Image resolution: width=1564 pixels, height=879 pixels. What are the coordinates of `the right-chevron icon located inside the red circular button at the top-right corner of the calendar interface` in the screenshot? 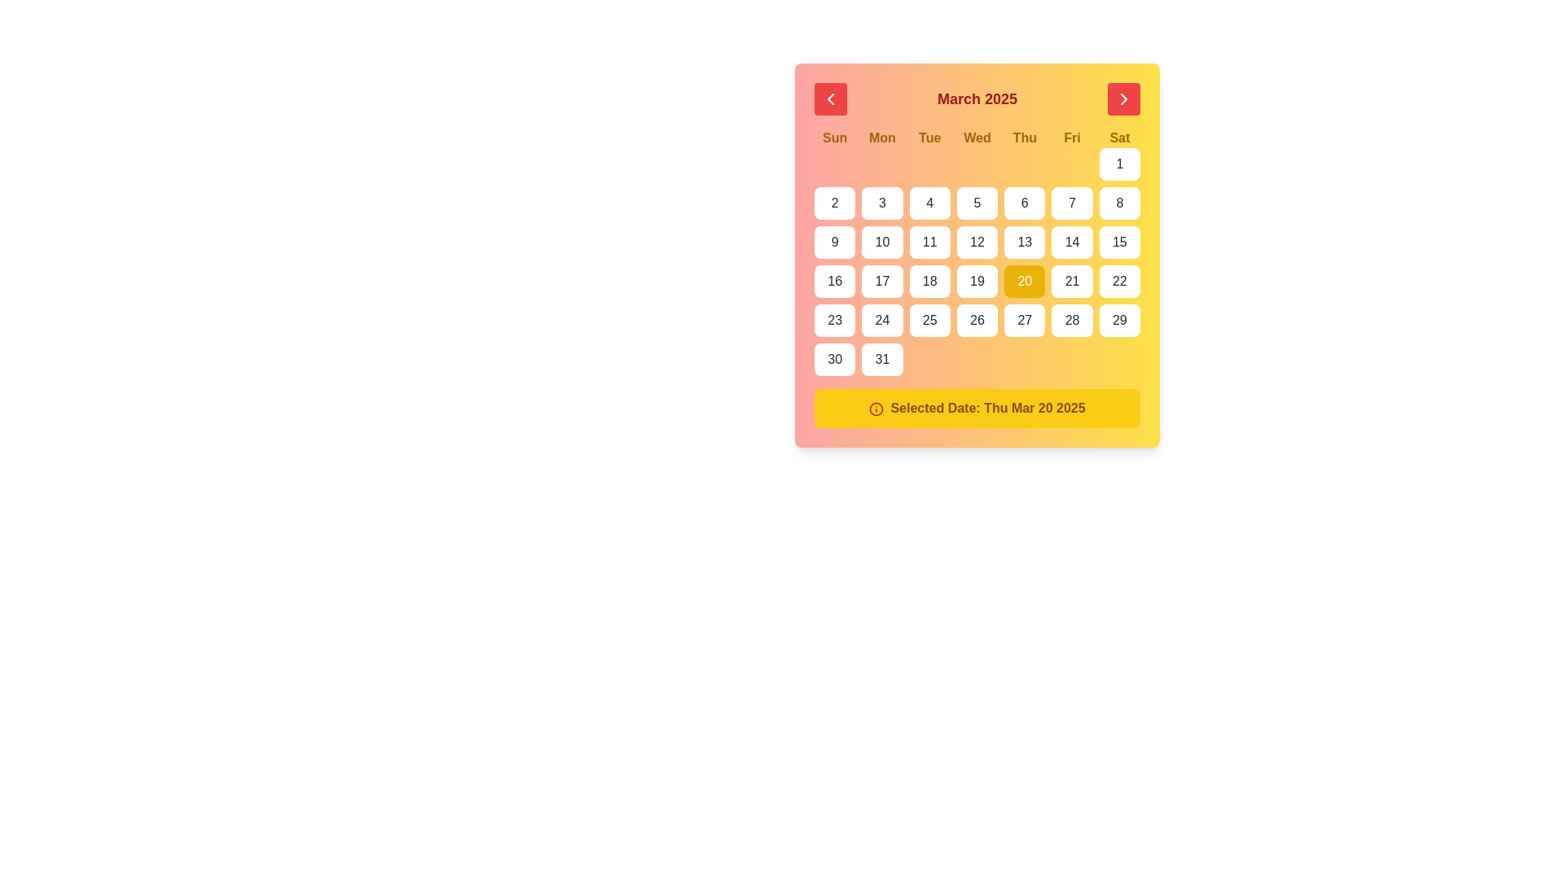 It's located at (1123, 99).